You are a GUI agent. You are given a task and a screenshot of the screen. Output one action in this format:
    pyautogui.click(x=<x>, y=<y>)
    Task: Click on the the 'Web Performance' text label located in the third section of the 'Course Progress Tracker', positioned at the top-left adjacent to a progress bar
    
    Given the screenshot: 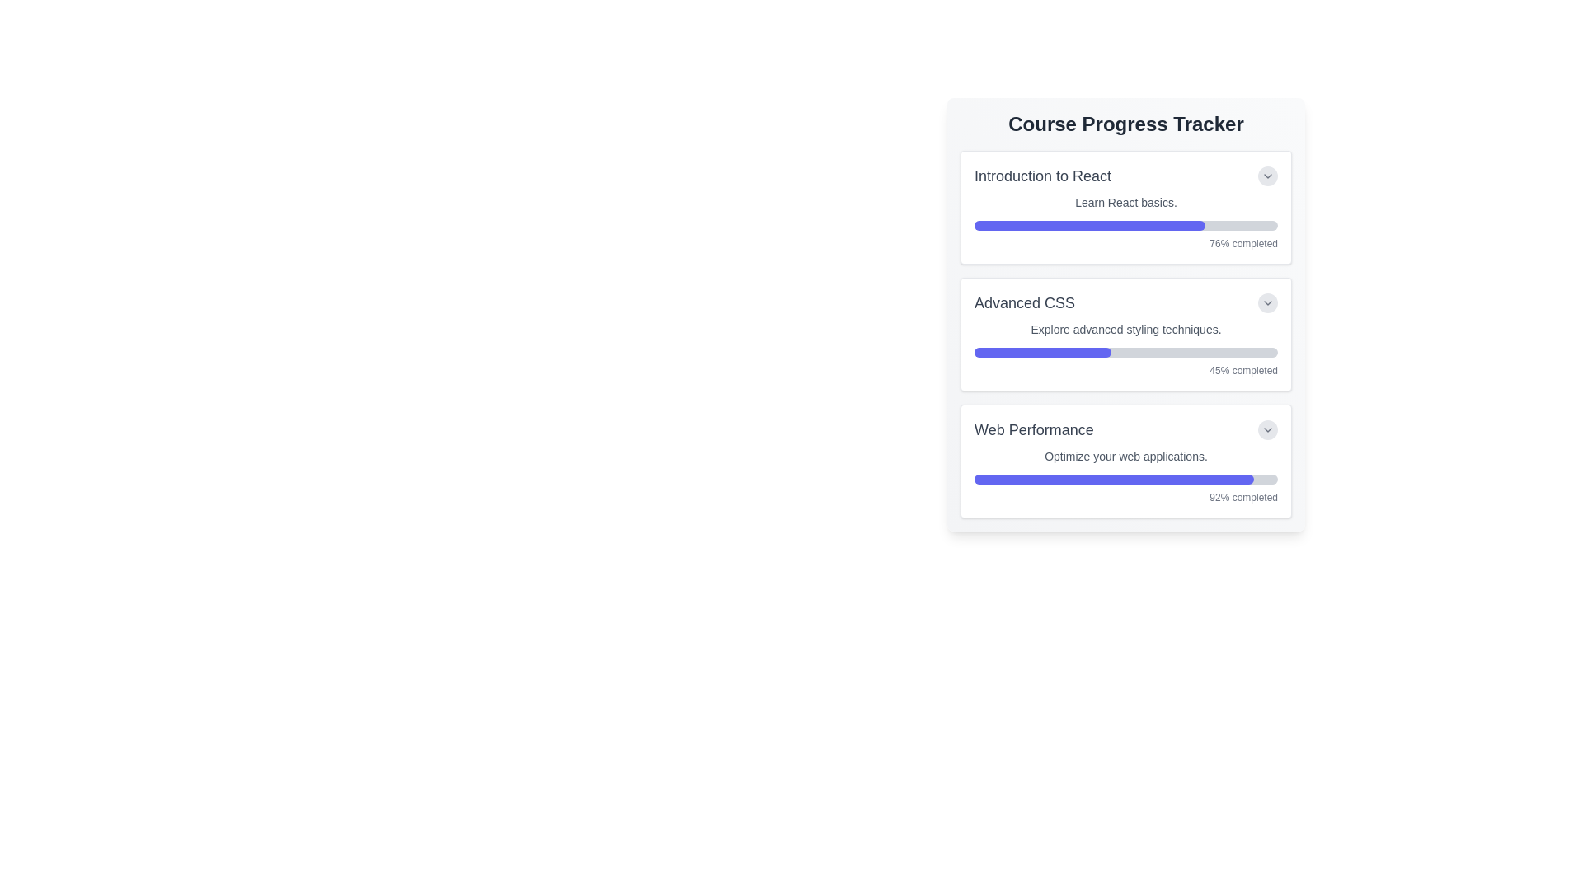 What is the action you would take?
    pyautogui.click(x=1033, y=429)
    